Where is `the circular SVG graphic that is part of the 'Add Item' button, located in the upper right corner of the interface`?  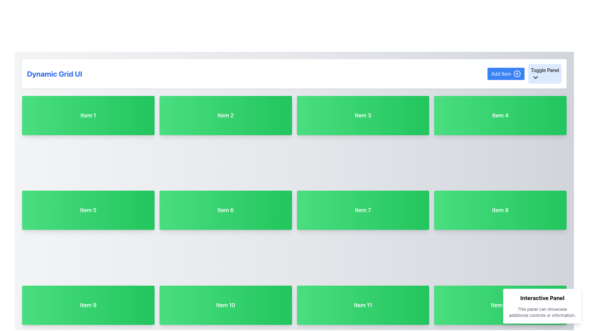 the circular SVG graphic that is part of the 'Add Item' button, located in the upper right corner of the interface is located at coordinates (517, 73).